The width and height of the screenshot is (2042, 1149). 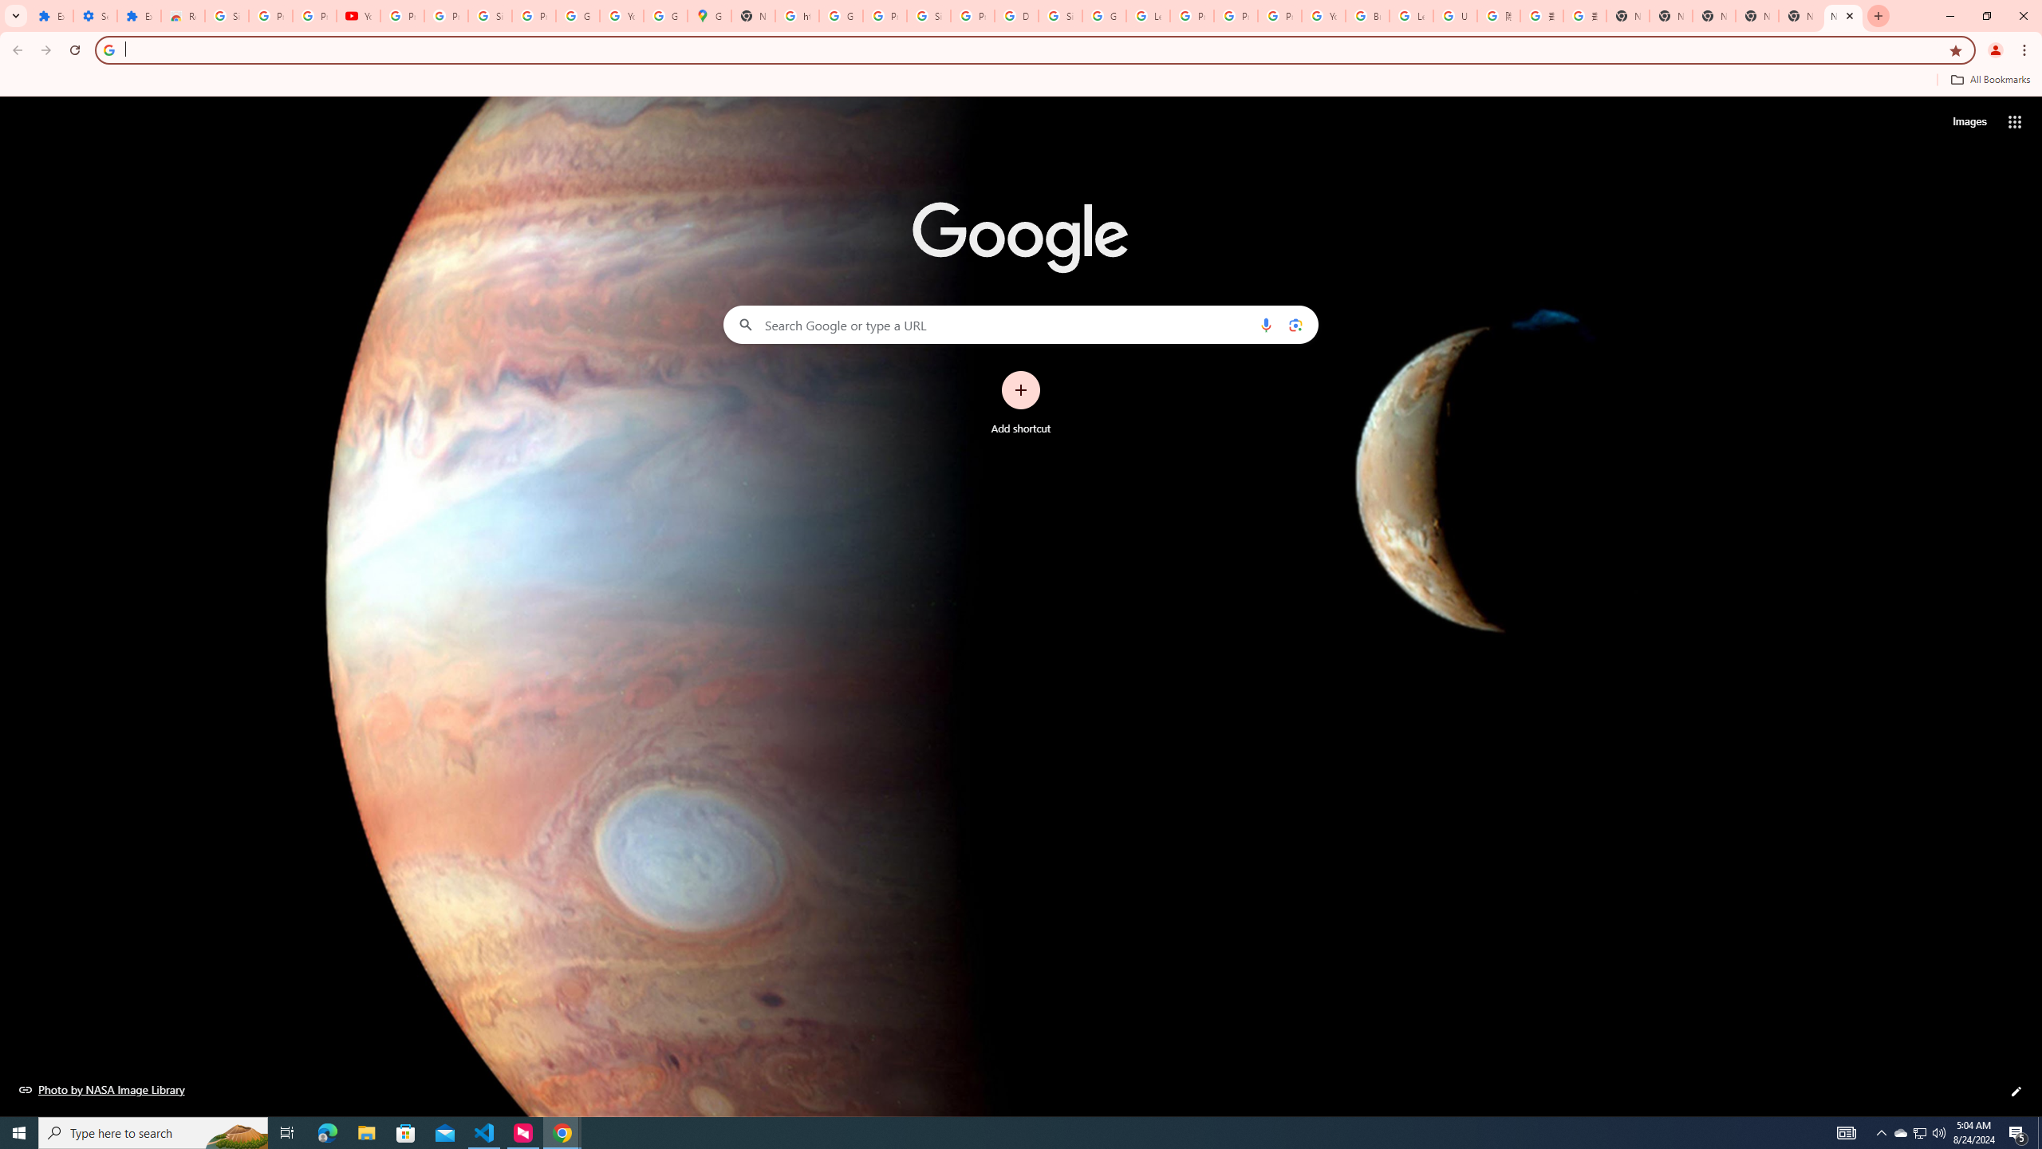 What do you see at coordinates (182, 15) in the screenshot?
I see `'Reviews: Helix Fruit Jump Arcade Game'` at bounding box center [182, 15].